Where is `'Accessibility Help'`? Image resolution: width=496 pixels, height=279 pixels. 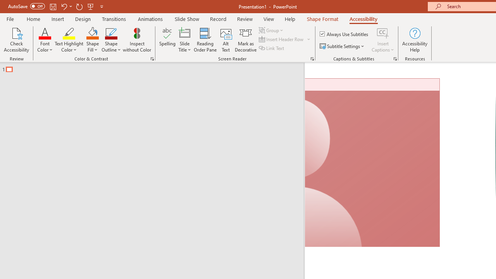
'Accessibility Help' is located at coordinates (414, 40).